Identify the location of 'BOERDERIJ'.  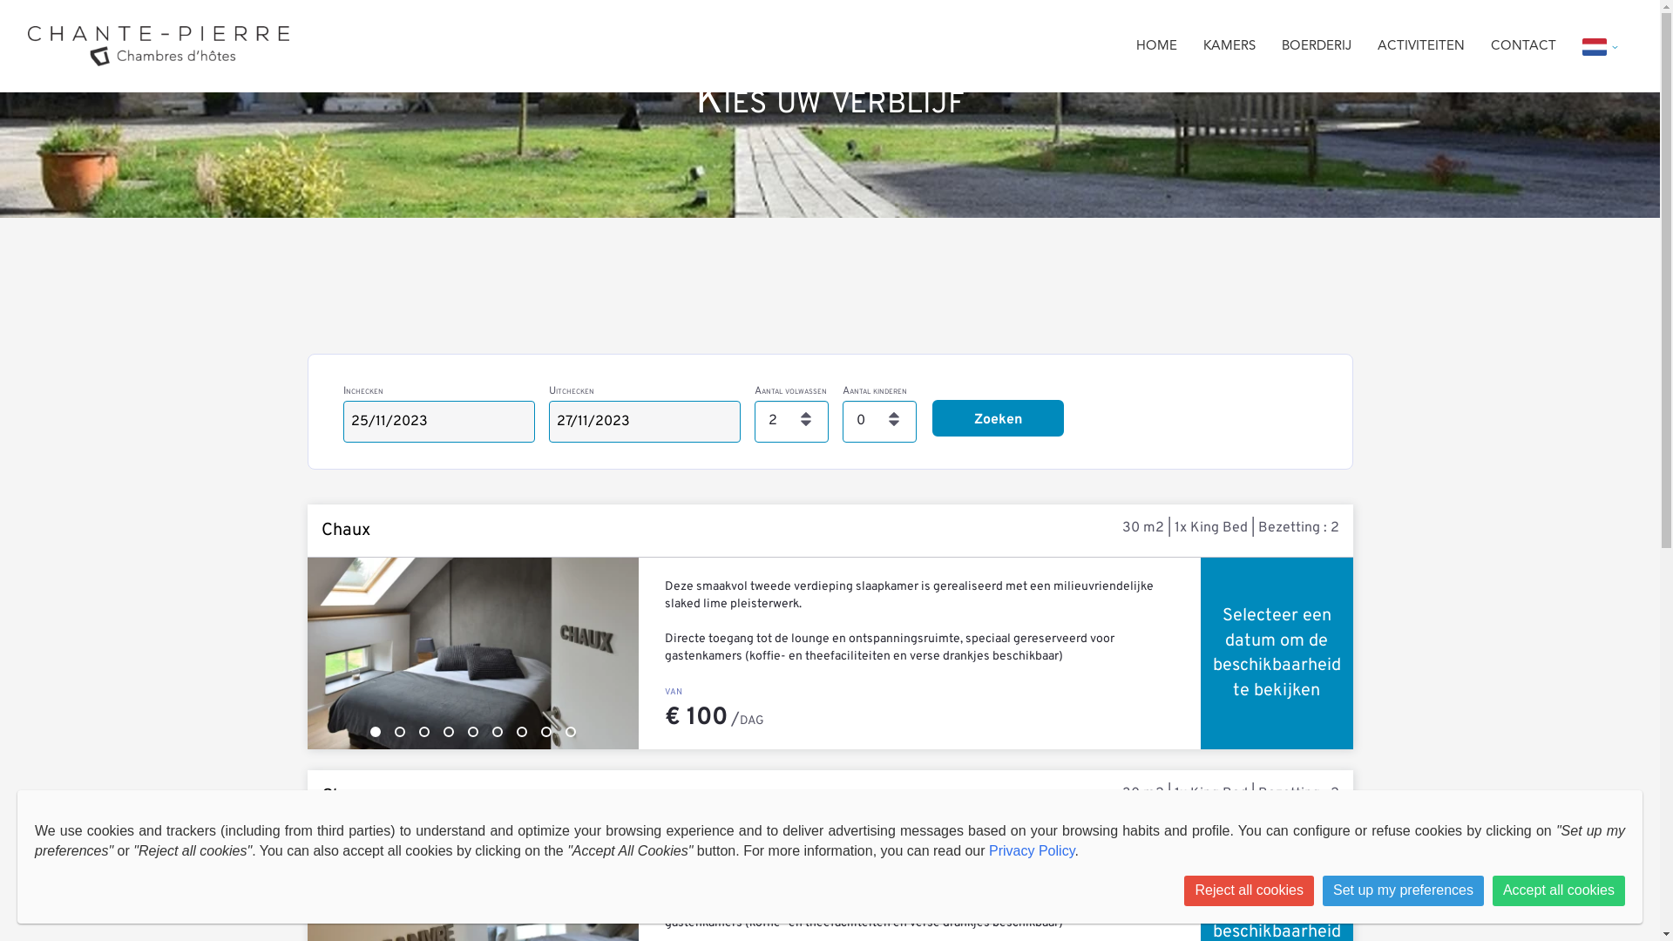
(1281, 45).